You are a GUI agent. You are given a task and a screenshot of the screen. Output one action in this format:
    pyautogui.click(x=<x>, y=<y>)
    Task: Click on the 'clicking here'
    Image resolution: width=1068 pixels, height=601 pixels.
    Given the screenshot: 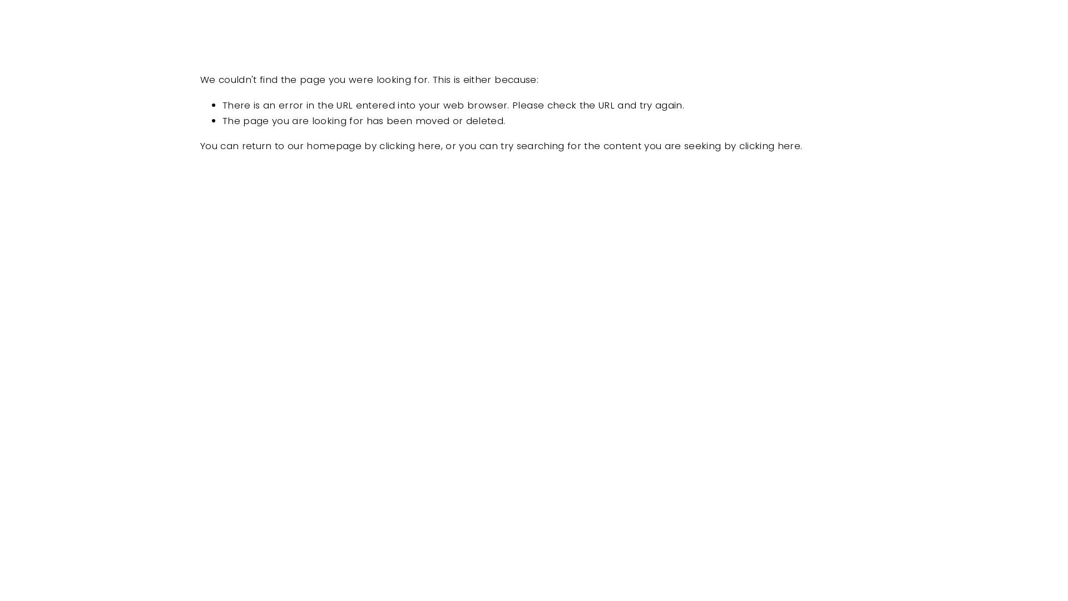 What is the action you would take?
    pyautogui.click(x=379, y=145)
    